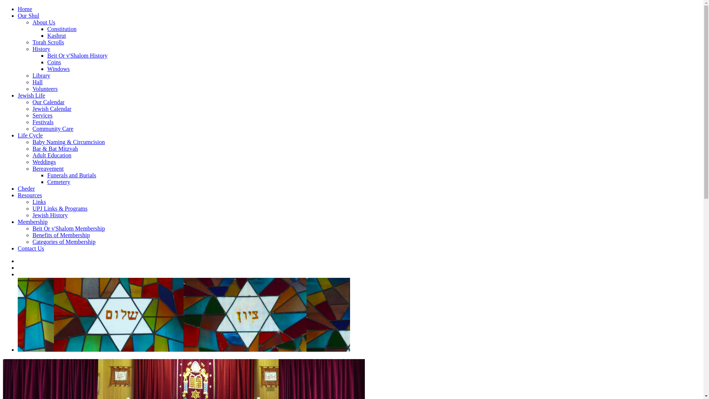 Image resolution: width=709 pixels, height=399 pixels. I want to click on 'UPJ Links & Programs', so click(60, 208).